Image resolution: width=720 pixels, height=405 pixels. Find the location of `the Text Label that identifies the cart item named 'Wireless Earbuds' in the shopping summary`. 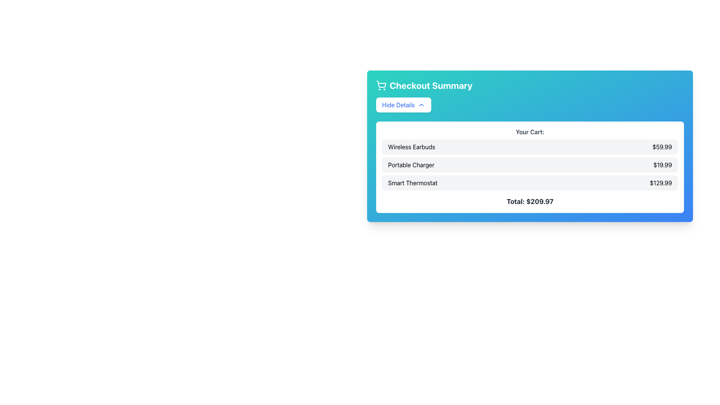

the Text Label that identifies the cart item named 'Wireless Earbuds' in the shopping summary is located at coordinates (411, 147).